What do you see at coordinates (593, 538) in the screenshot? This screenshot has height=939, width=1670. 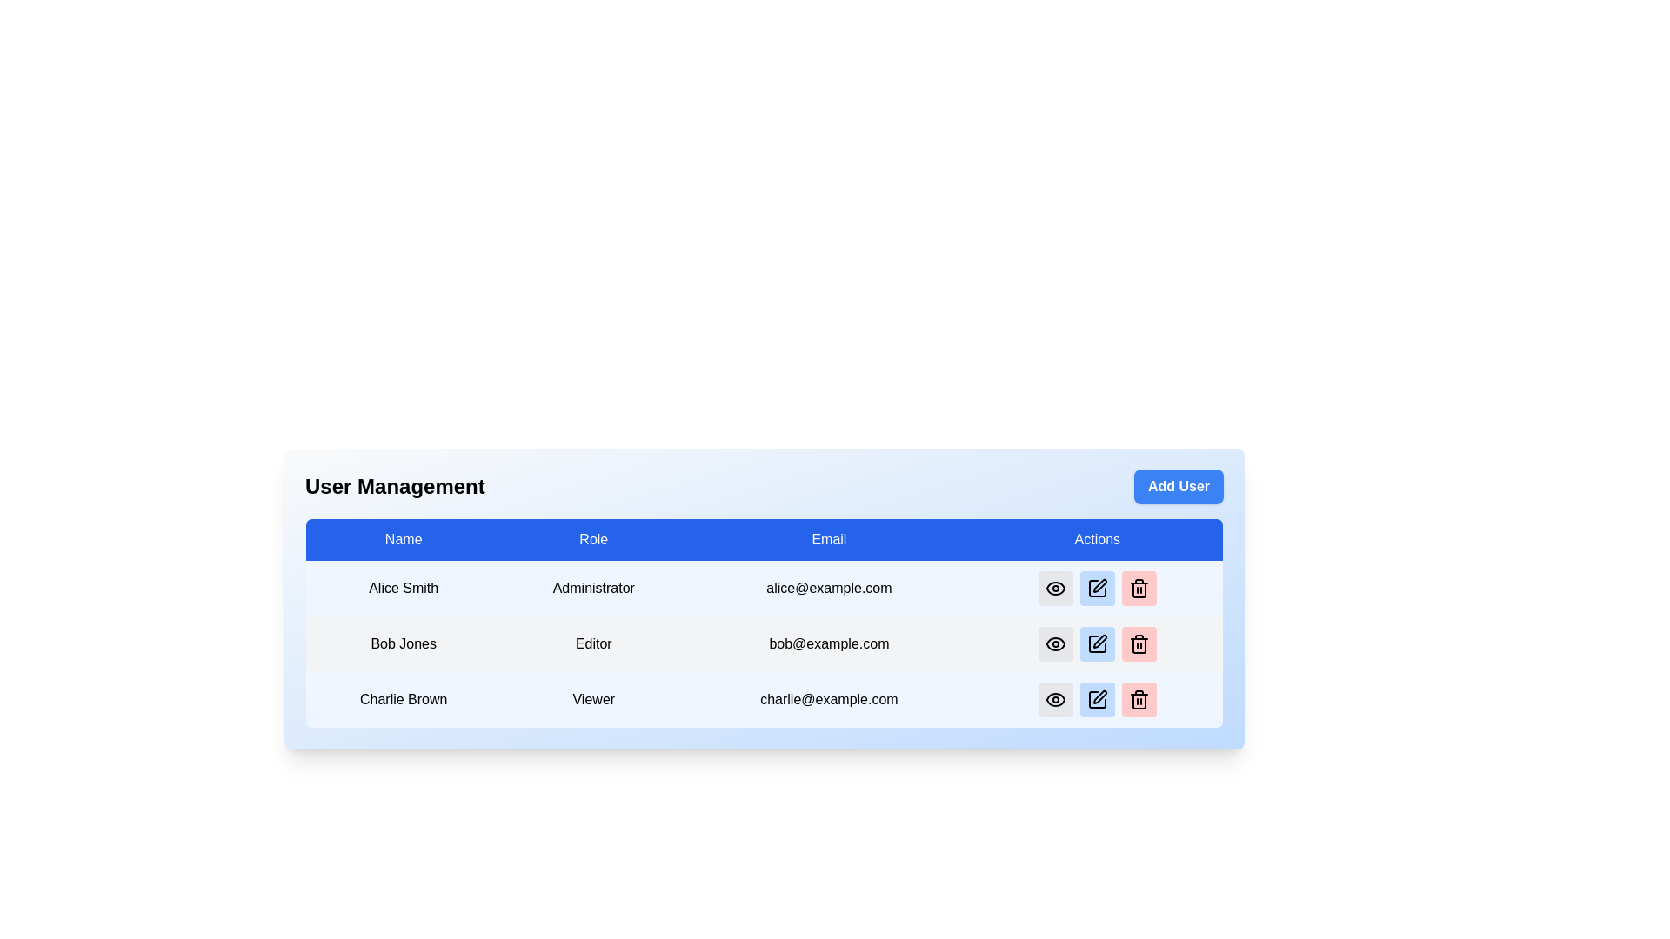 I see `text from the 'Role' header cell in the user management table, which is the second column header located between the 'Name' and 'Email' columns` at bounding box center [593, 538].